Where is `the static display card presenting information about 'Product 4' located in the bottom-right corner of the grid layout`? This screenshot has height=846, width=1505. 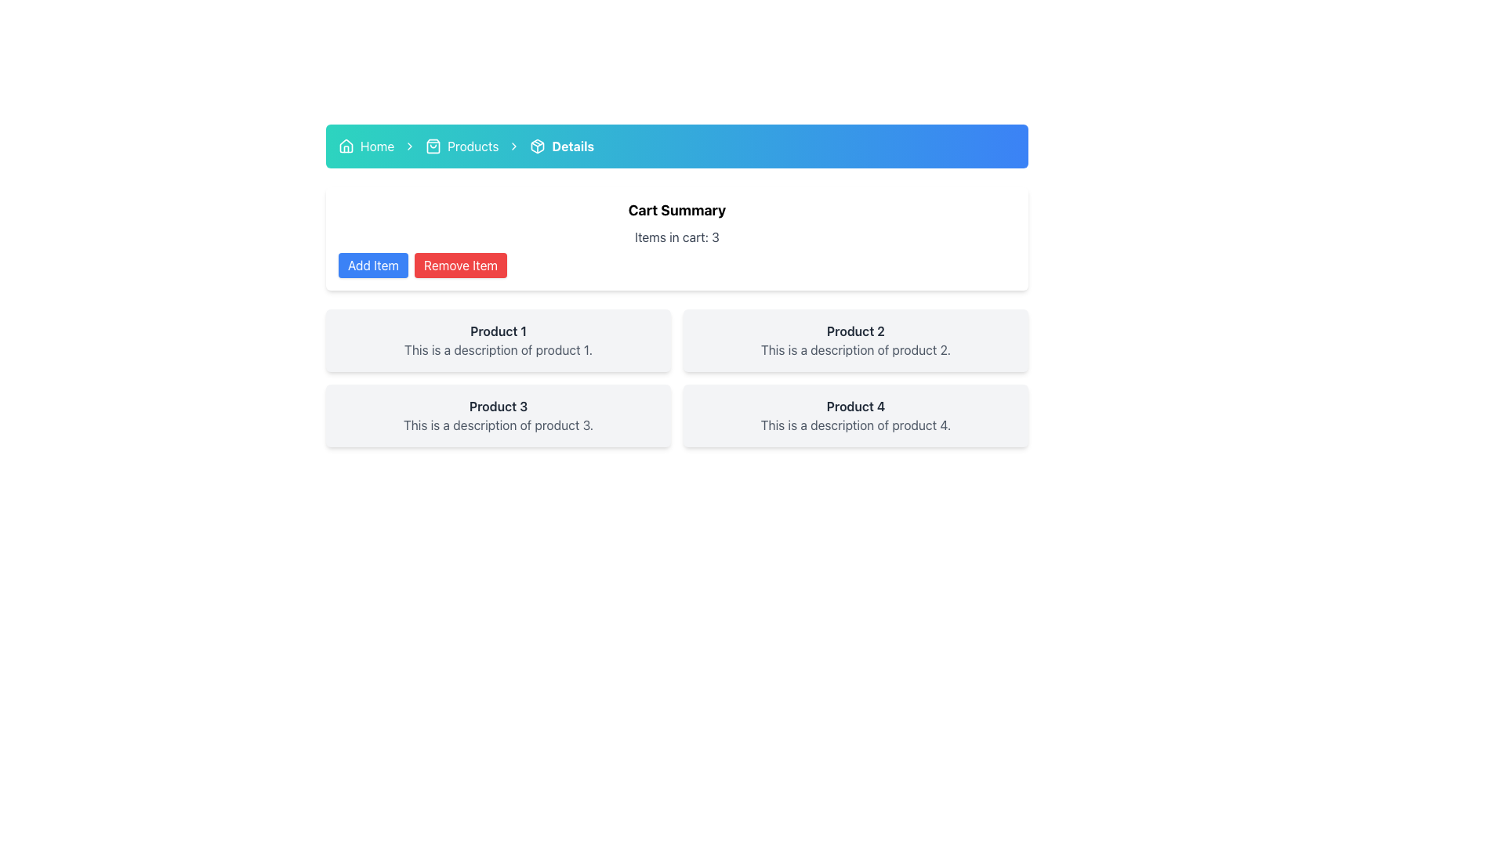 the static display card presenting information about 'Product 4' located in the bottom-right corner of the grid layout is located at coordinates (854, 415).